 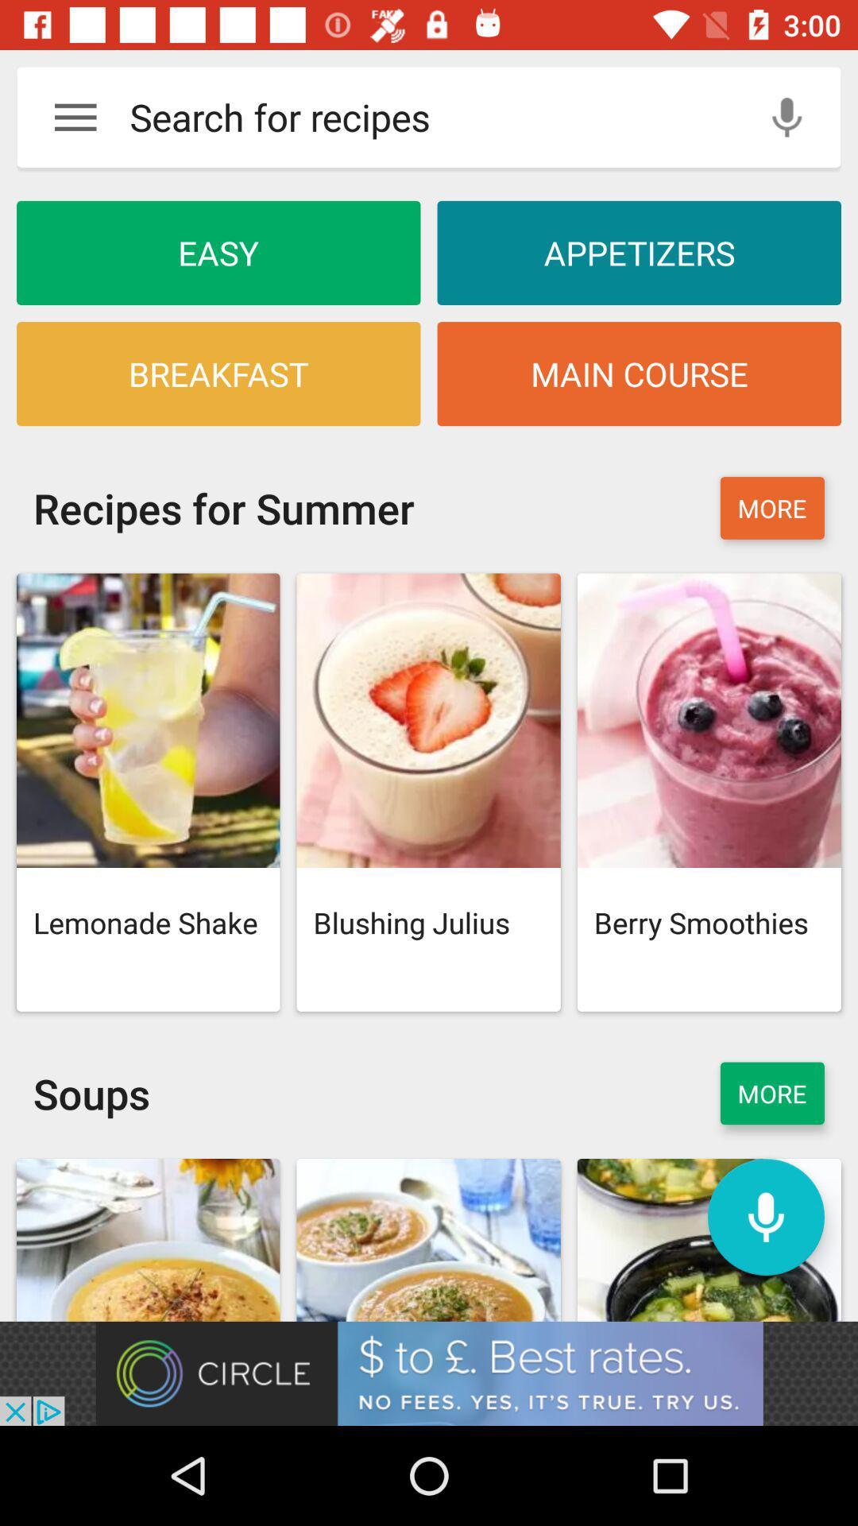 What do you see at coordinates (786, 116) in the screenshot?
I see `the microphone icon` at bounding box center [786, 116].